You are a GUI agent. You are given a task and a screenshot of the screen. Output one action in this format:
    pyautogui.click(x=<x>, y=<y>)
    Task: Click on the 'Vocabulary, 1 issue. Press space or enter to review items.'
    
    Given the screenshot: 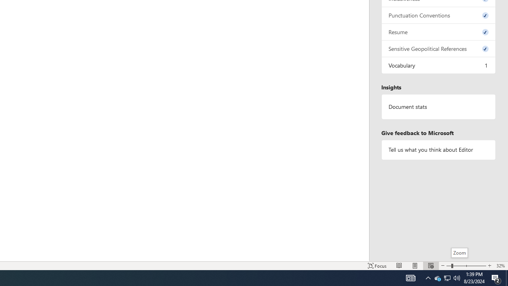 What is the action you would take?
    pyautogui.click(x=438, y=65)
    